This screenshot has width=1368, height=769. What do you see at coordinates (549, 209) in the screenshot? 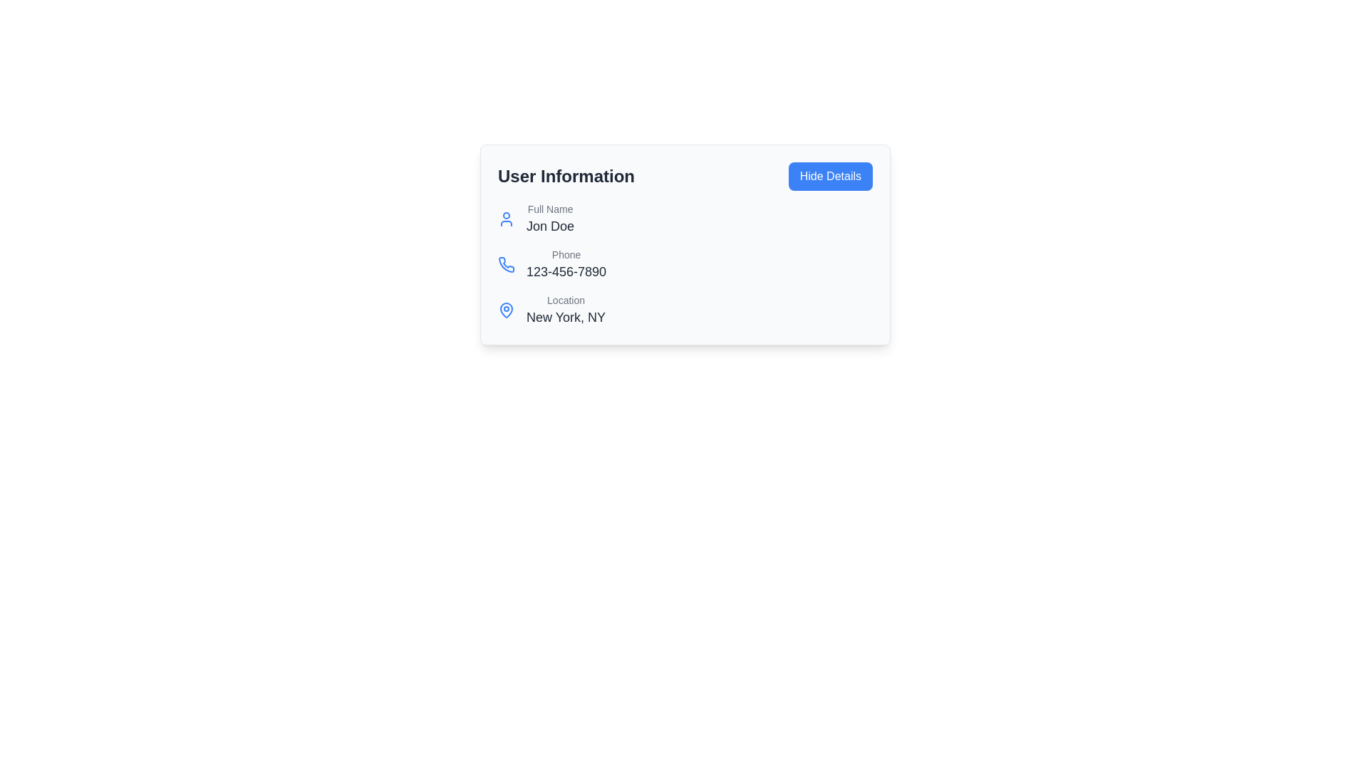
I see `the 'Full Name' text label, which is a smaller, light gray text located at the top-left corner of the user information card, above the name 'Jon Doe'` at bounding box center [549, 209].